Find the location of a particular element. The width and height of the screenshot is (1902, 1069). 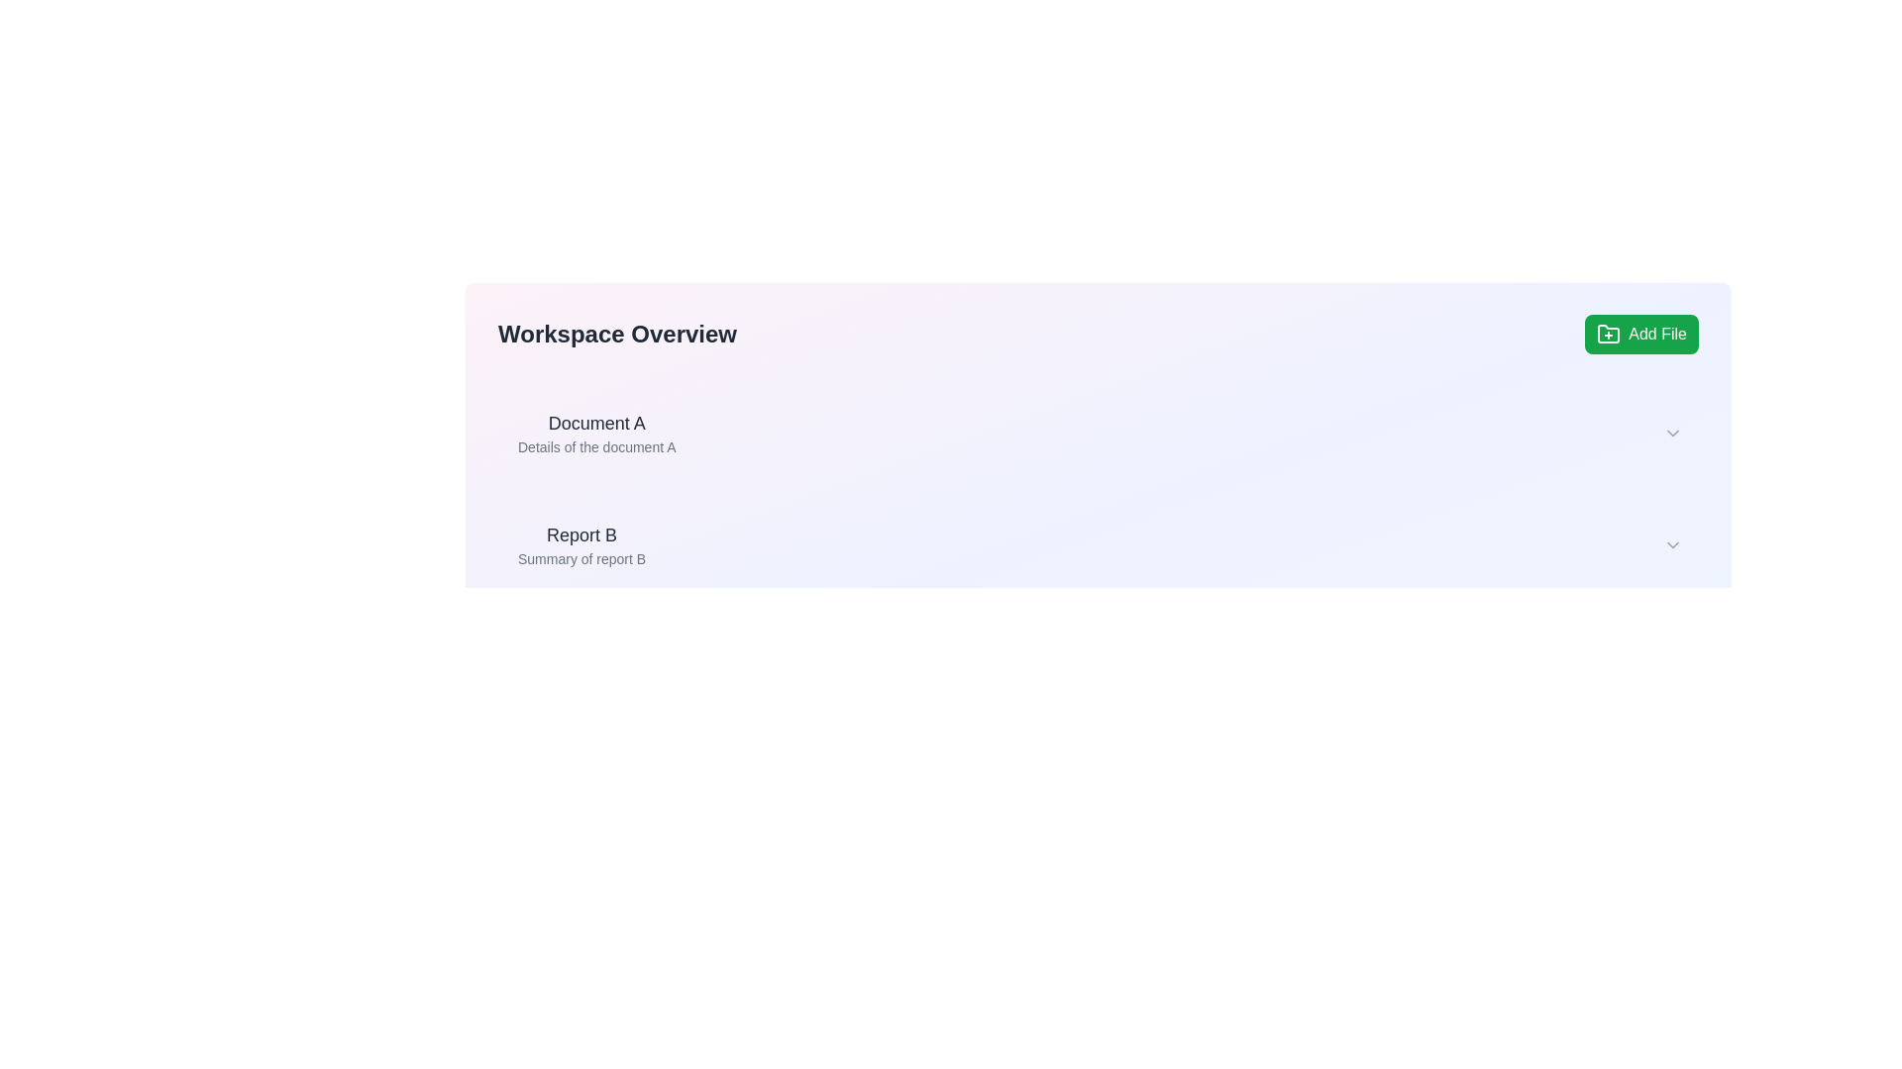

the green 'Add File' button which features a folder icon with a plus sign overlay to initiate the file addition process is located at coordinates (1609, 334).